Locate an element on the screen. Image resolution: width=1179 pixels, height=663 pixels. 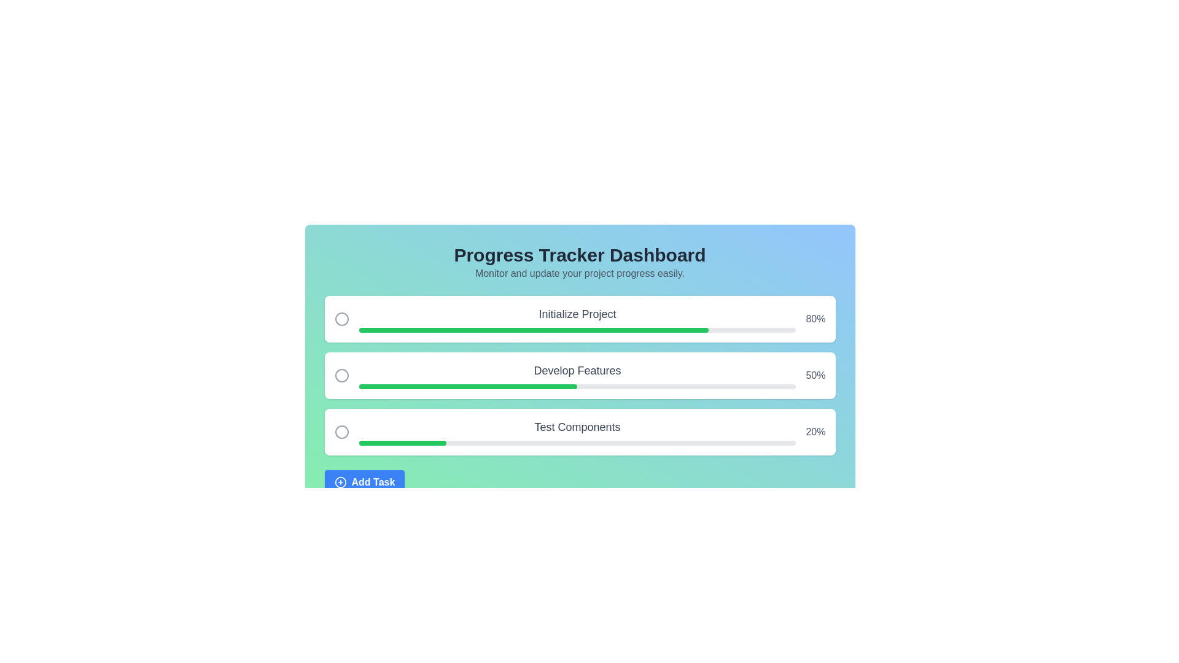
progress percentage text displayed in the top-right corner of the row labeled 'Develop Features', located to the right of the progress bar and text label is located at coordinates (815, 375).